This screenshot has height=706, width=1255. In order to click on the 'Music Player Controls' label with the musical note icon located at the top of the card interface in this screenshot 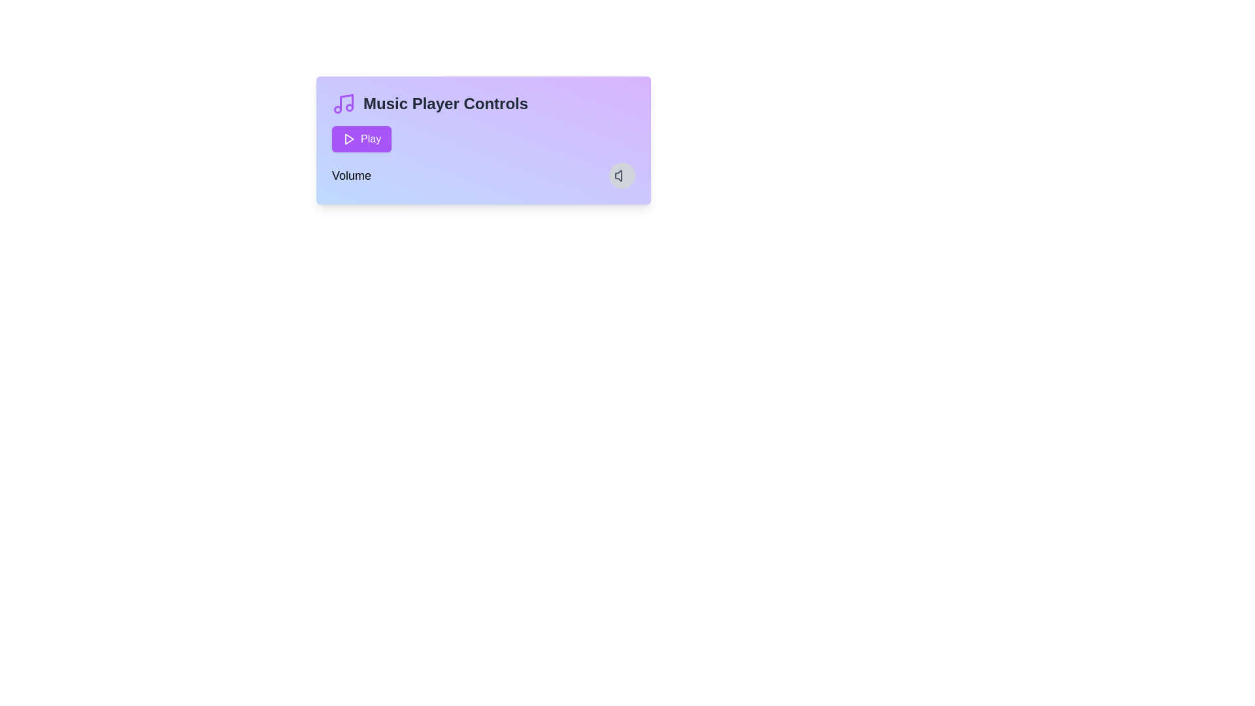, I will do `click(482, 103)`.